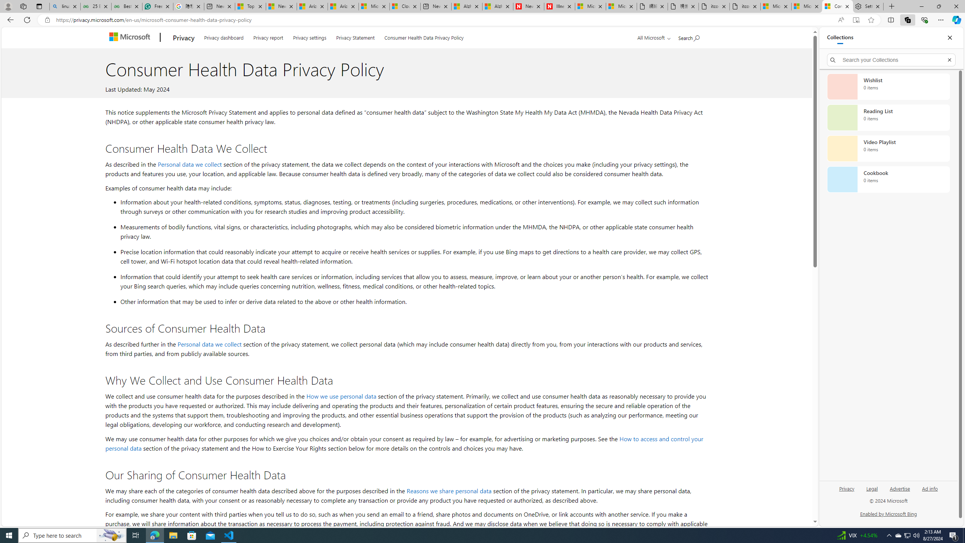 This screenshot has width=965, height=543. Describe the element at coordinates (341, 396) in the screenshot. I see `'How we use personal data'` at that location.